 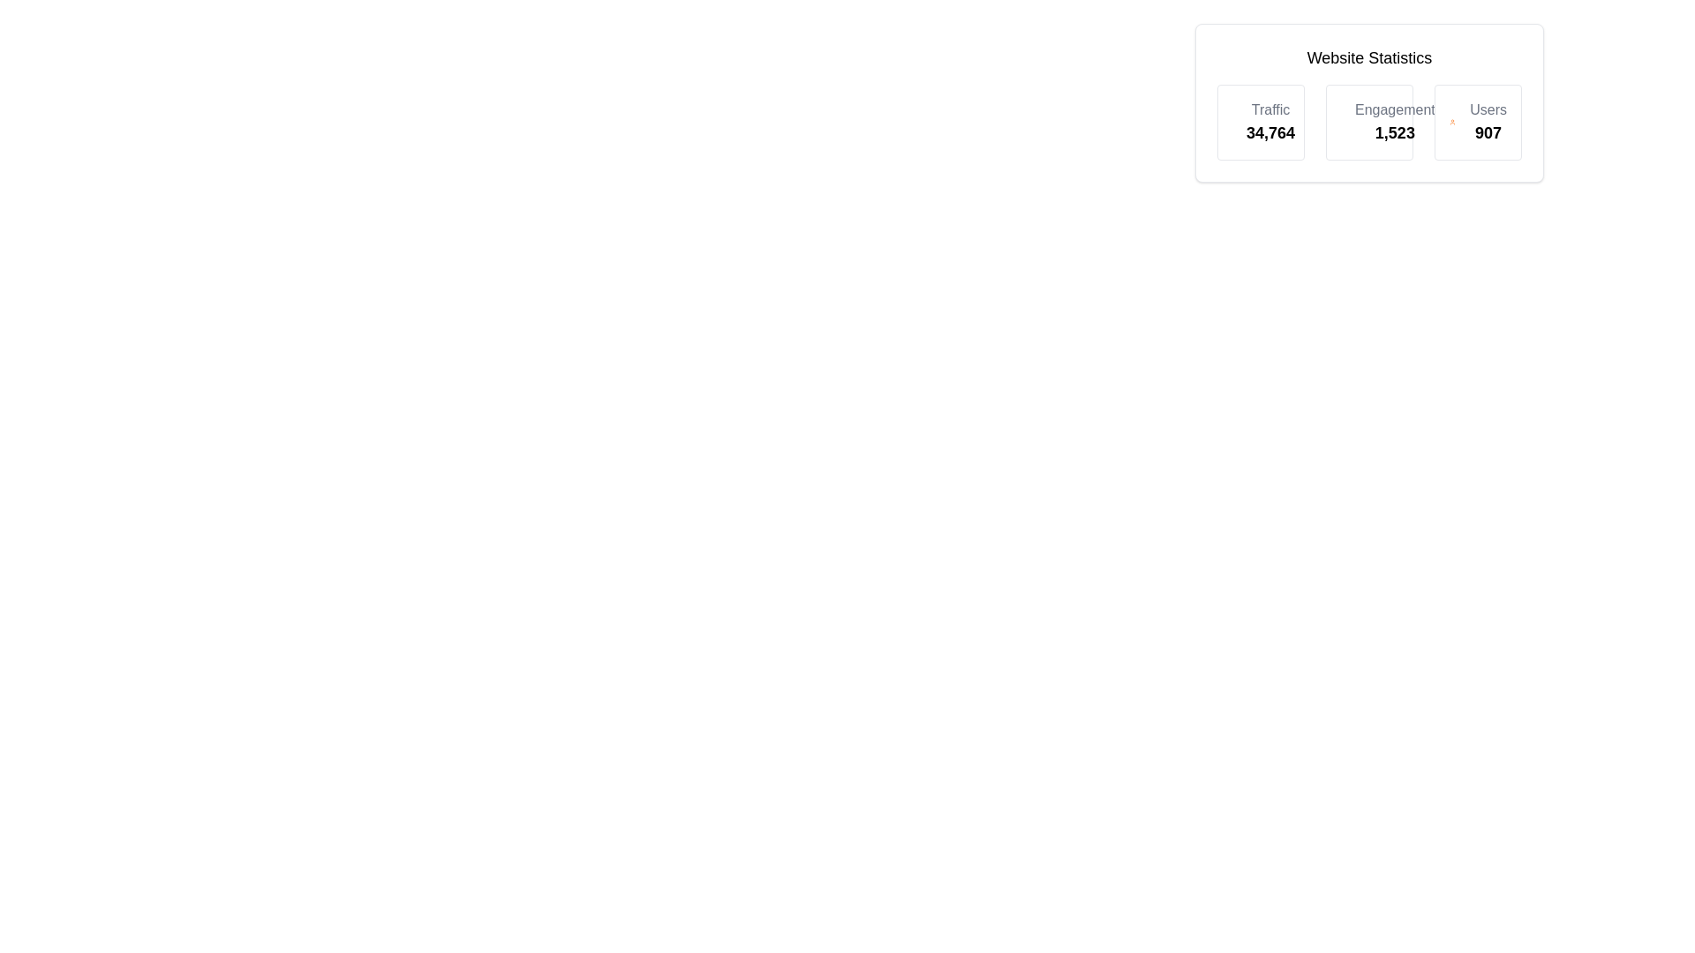 What do you see at coordinates (1269, 109) in the screenshot?
I see `the text label that indicates the 'Traffic' metric, which provides descriptive information for the value '34,764'` at bounding box center [1269, 109].